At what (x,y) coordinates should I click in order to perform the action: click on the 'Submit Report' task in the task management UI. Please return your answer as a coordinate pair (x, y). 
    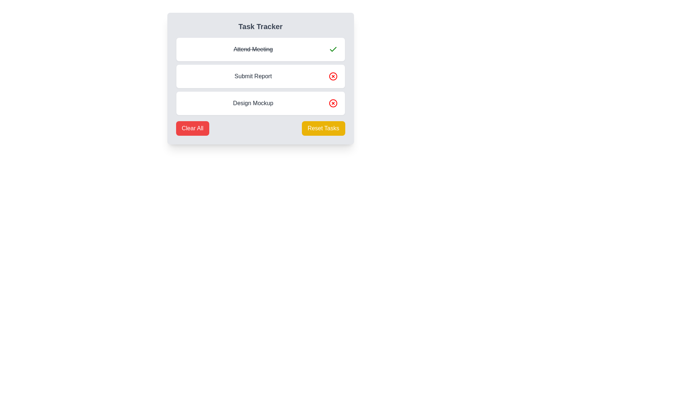
    Looking at the image, I should click on (260, 76).